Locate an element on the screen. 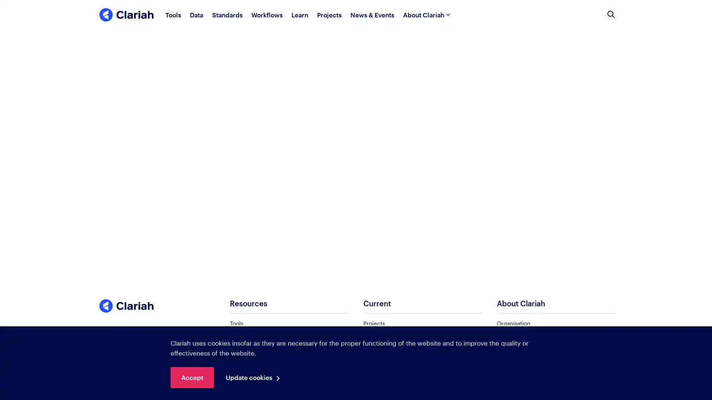 This screenshot has height=400, width=712. Update cookies is located at coordinates (255, 377).